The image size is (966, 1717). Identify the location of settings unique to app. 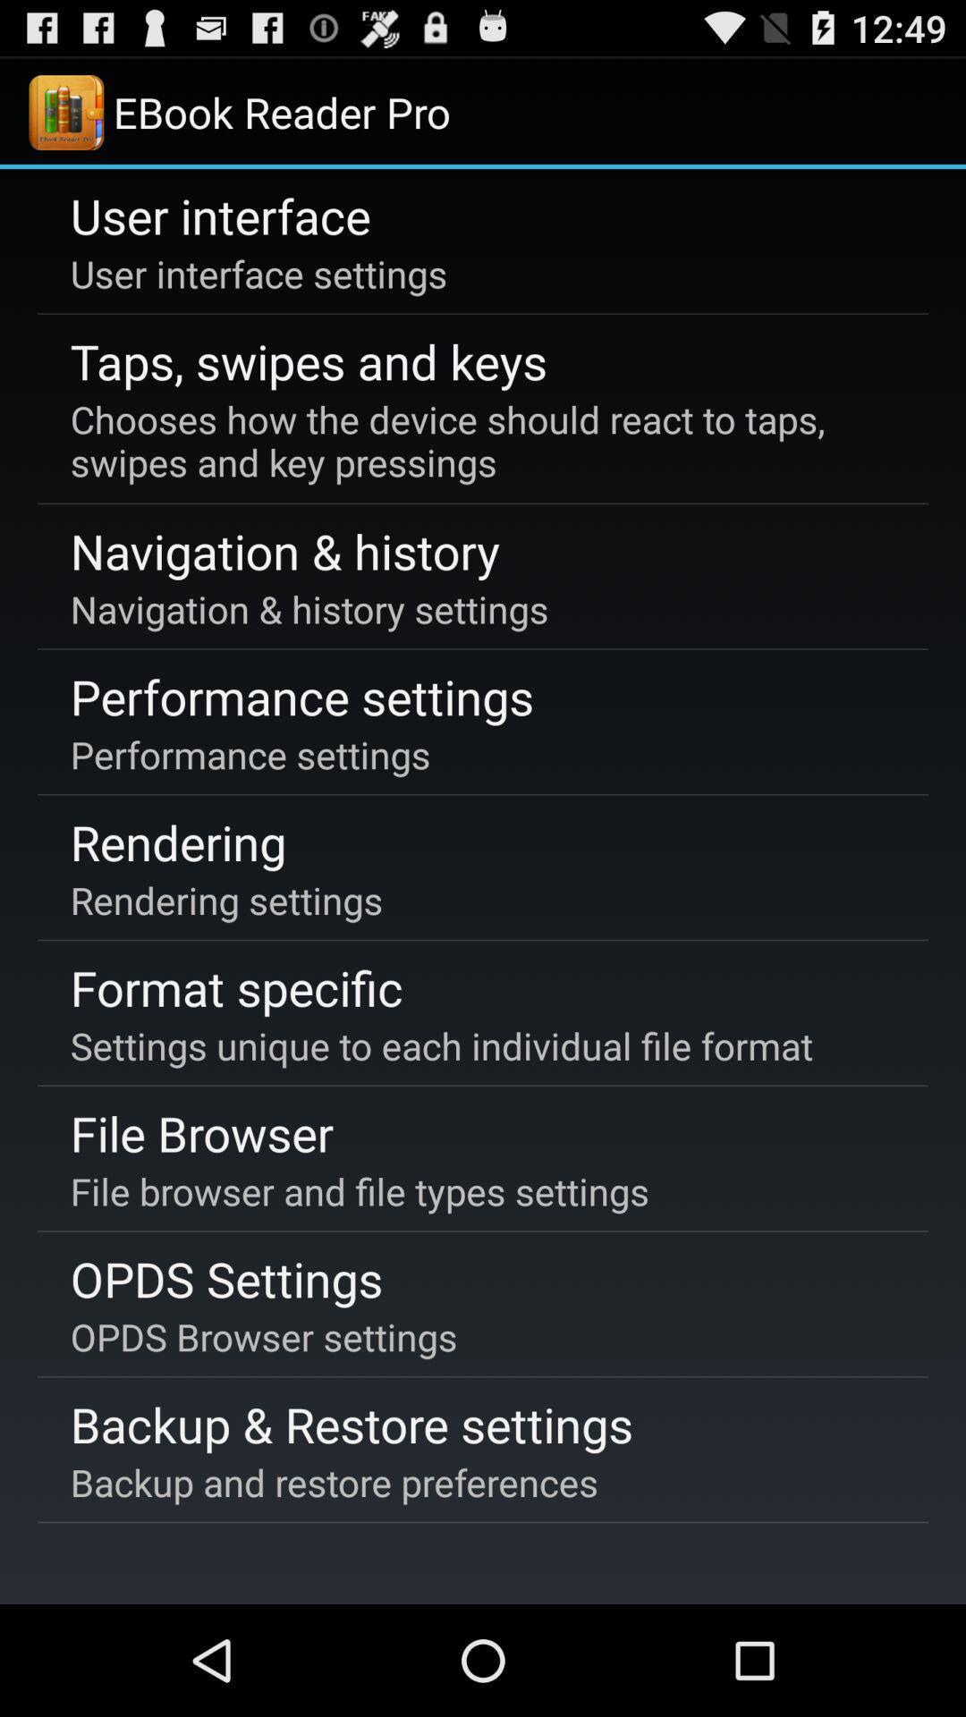
(441, 1045).